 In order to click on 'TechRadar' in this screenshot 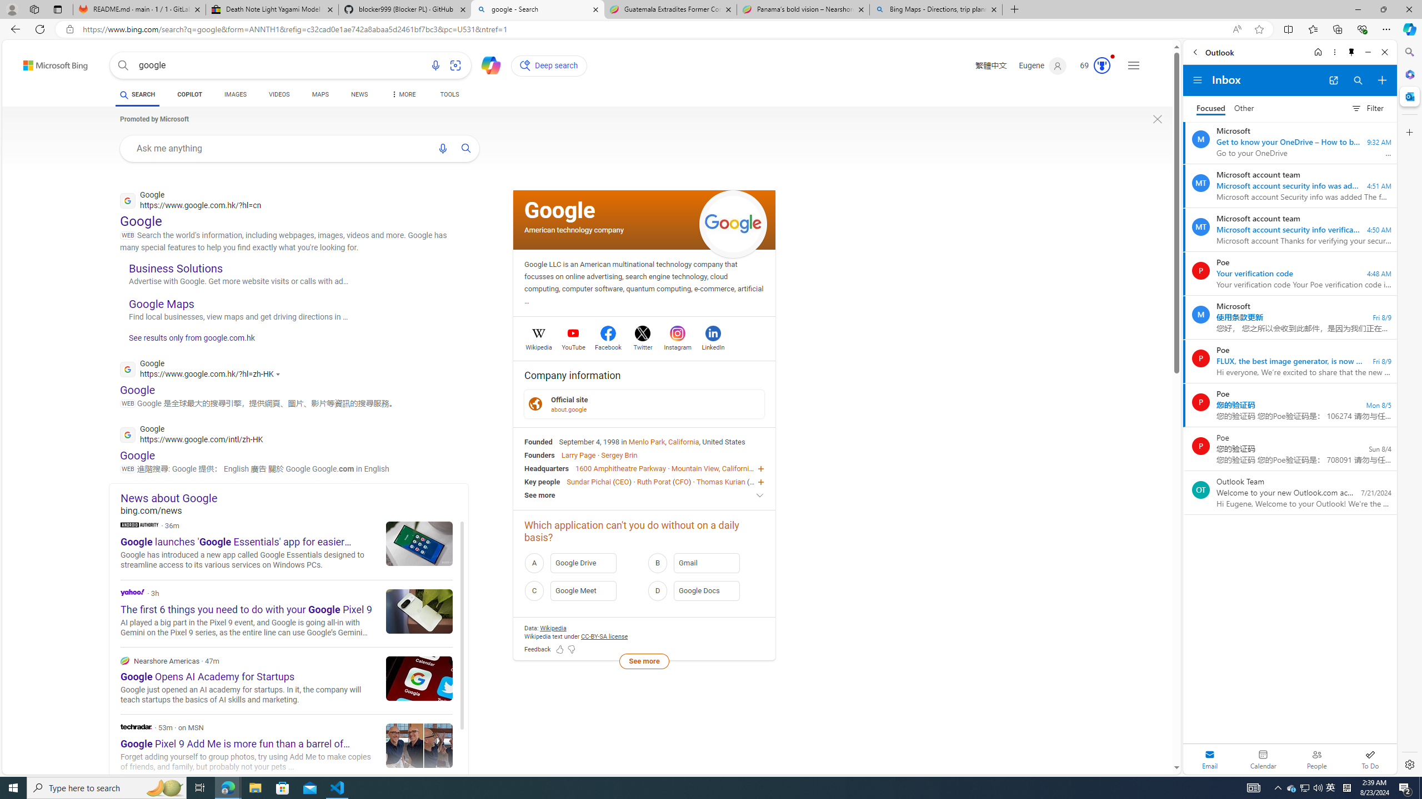, I will do `click(136, 726)`.